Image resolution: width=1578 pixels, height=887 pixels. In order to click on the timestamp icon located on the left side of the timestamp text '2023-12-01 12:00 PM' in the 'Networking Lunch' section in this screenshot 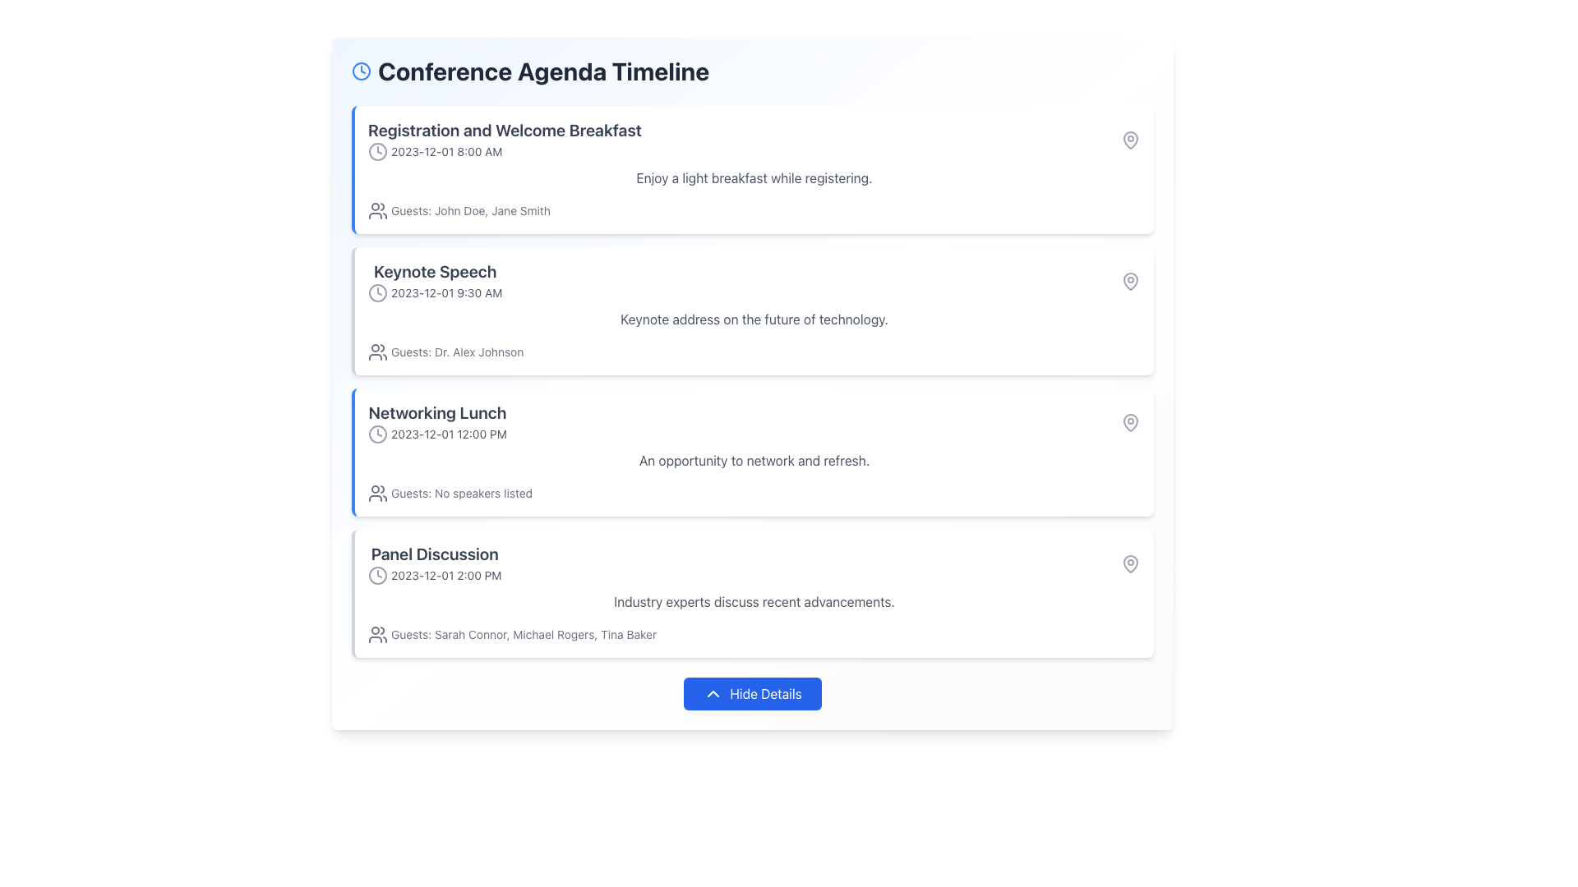, I will do `click(377, 433)`.